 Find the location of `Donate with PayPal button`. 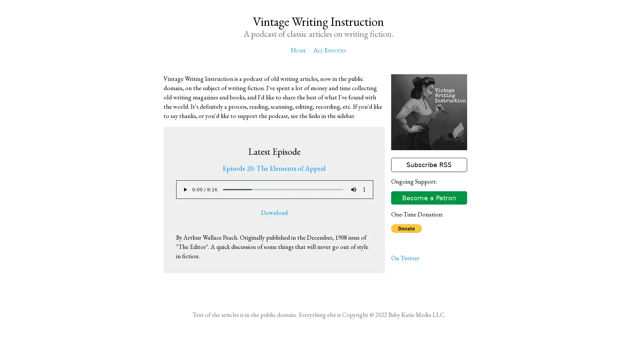

Donate with PayPal button is located at coordinates (406, 228).